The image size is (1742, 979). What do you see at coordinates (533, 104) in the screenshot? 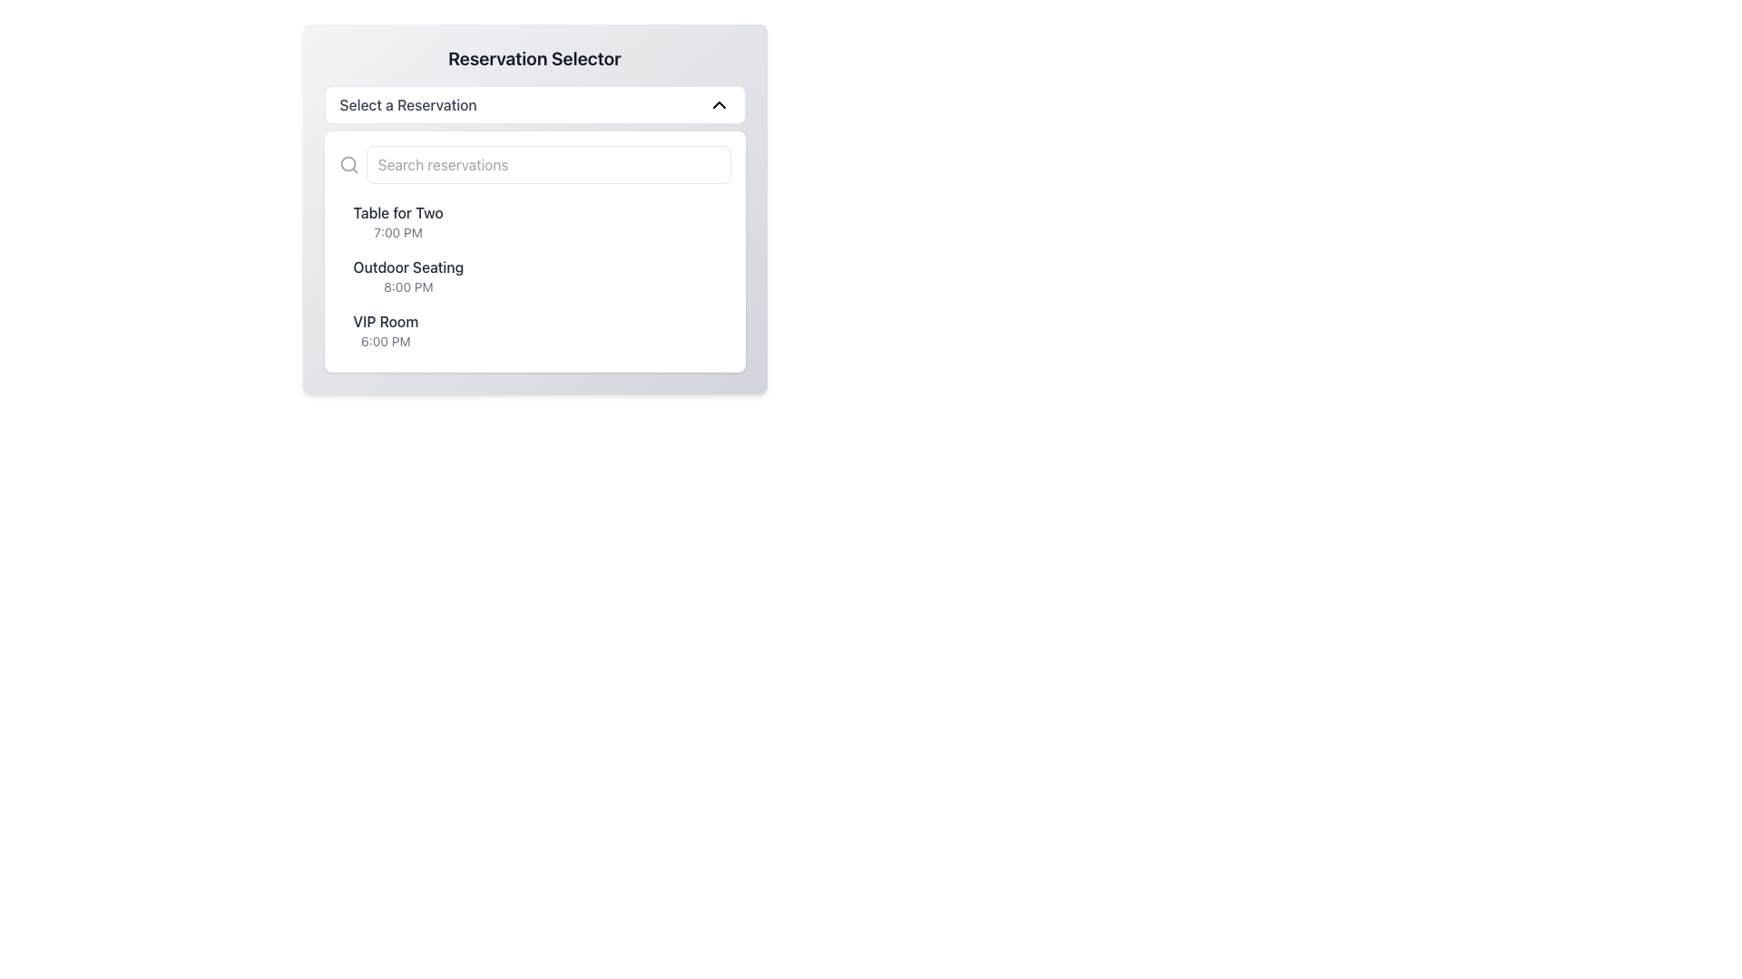
I see `the Dropdown Selector located below the title 'Reservation Selector'` at bounding box center [533, 104].